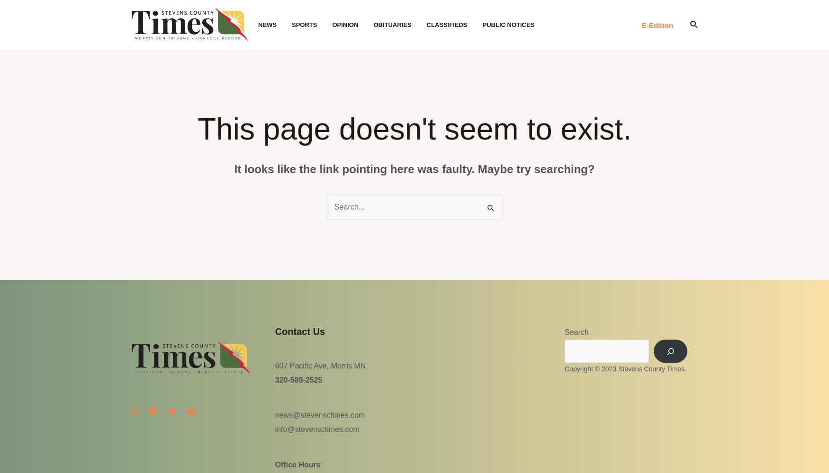 This screenshot has height=473, width=829. I want to click on 'Contact Us', so click(299, 331).